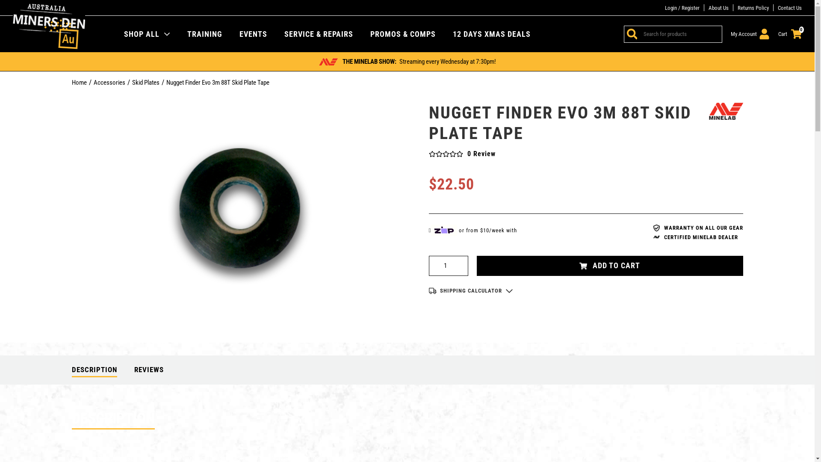  I want to click on 'Login / Register', so click(682, 8).